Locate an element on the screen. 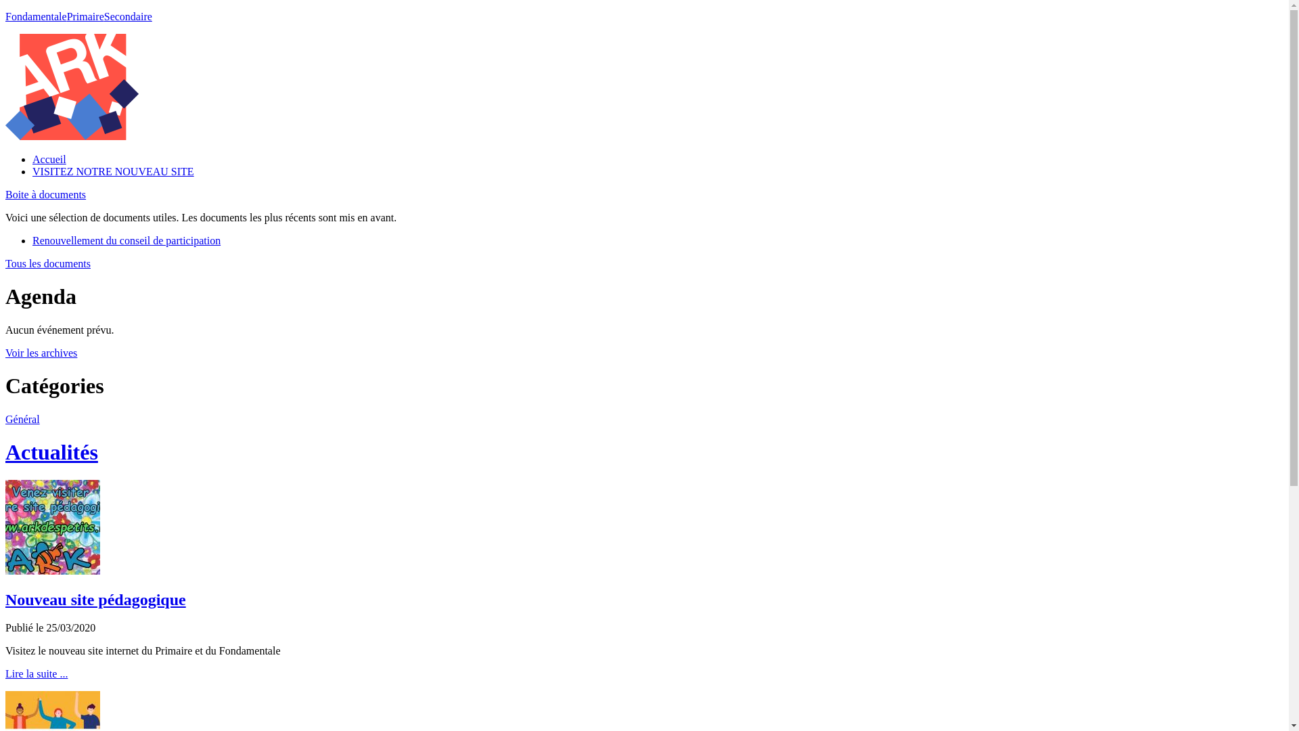  'Accueil' is located at coordinates (32, 158).